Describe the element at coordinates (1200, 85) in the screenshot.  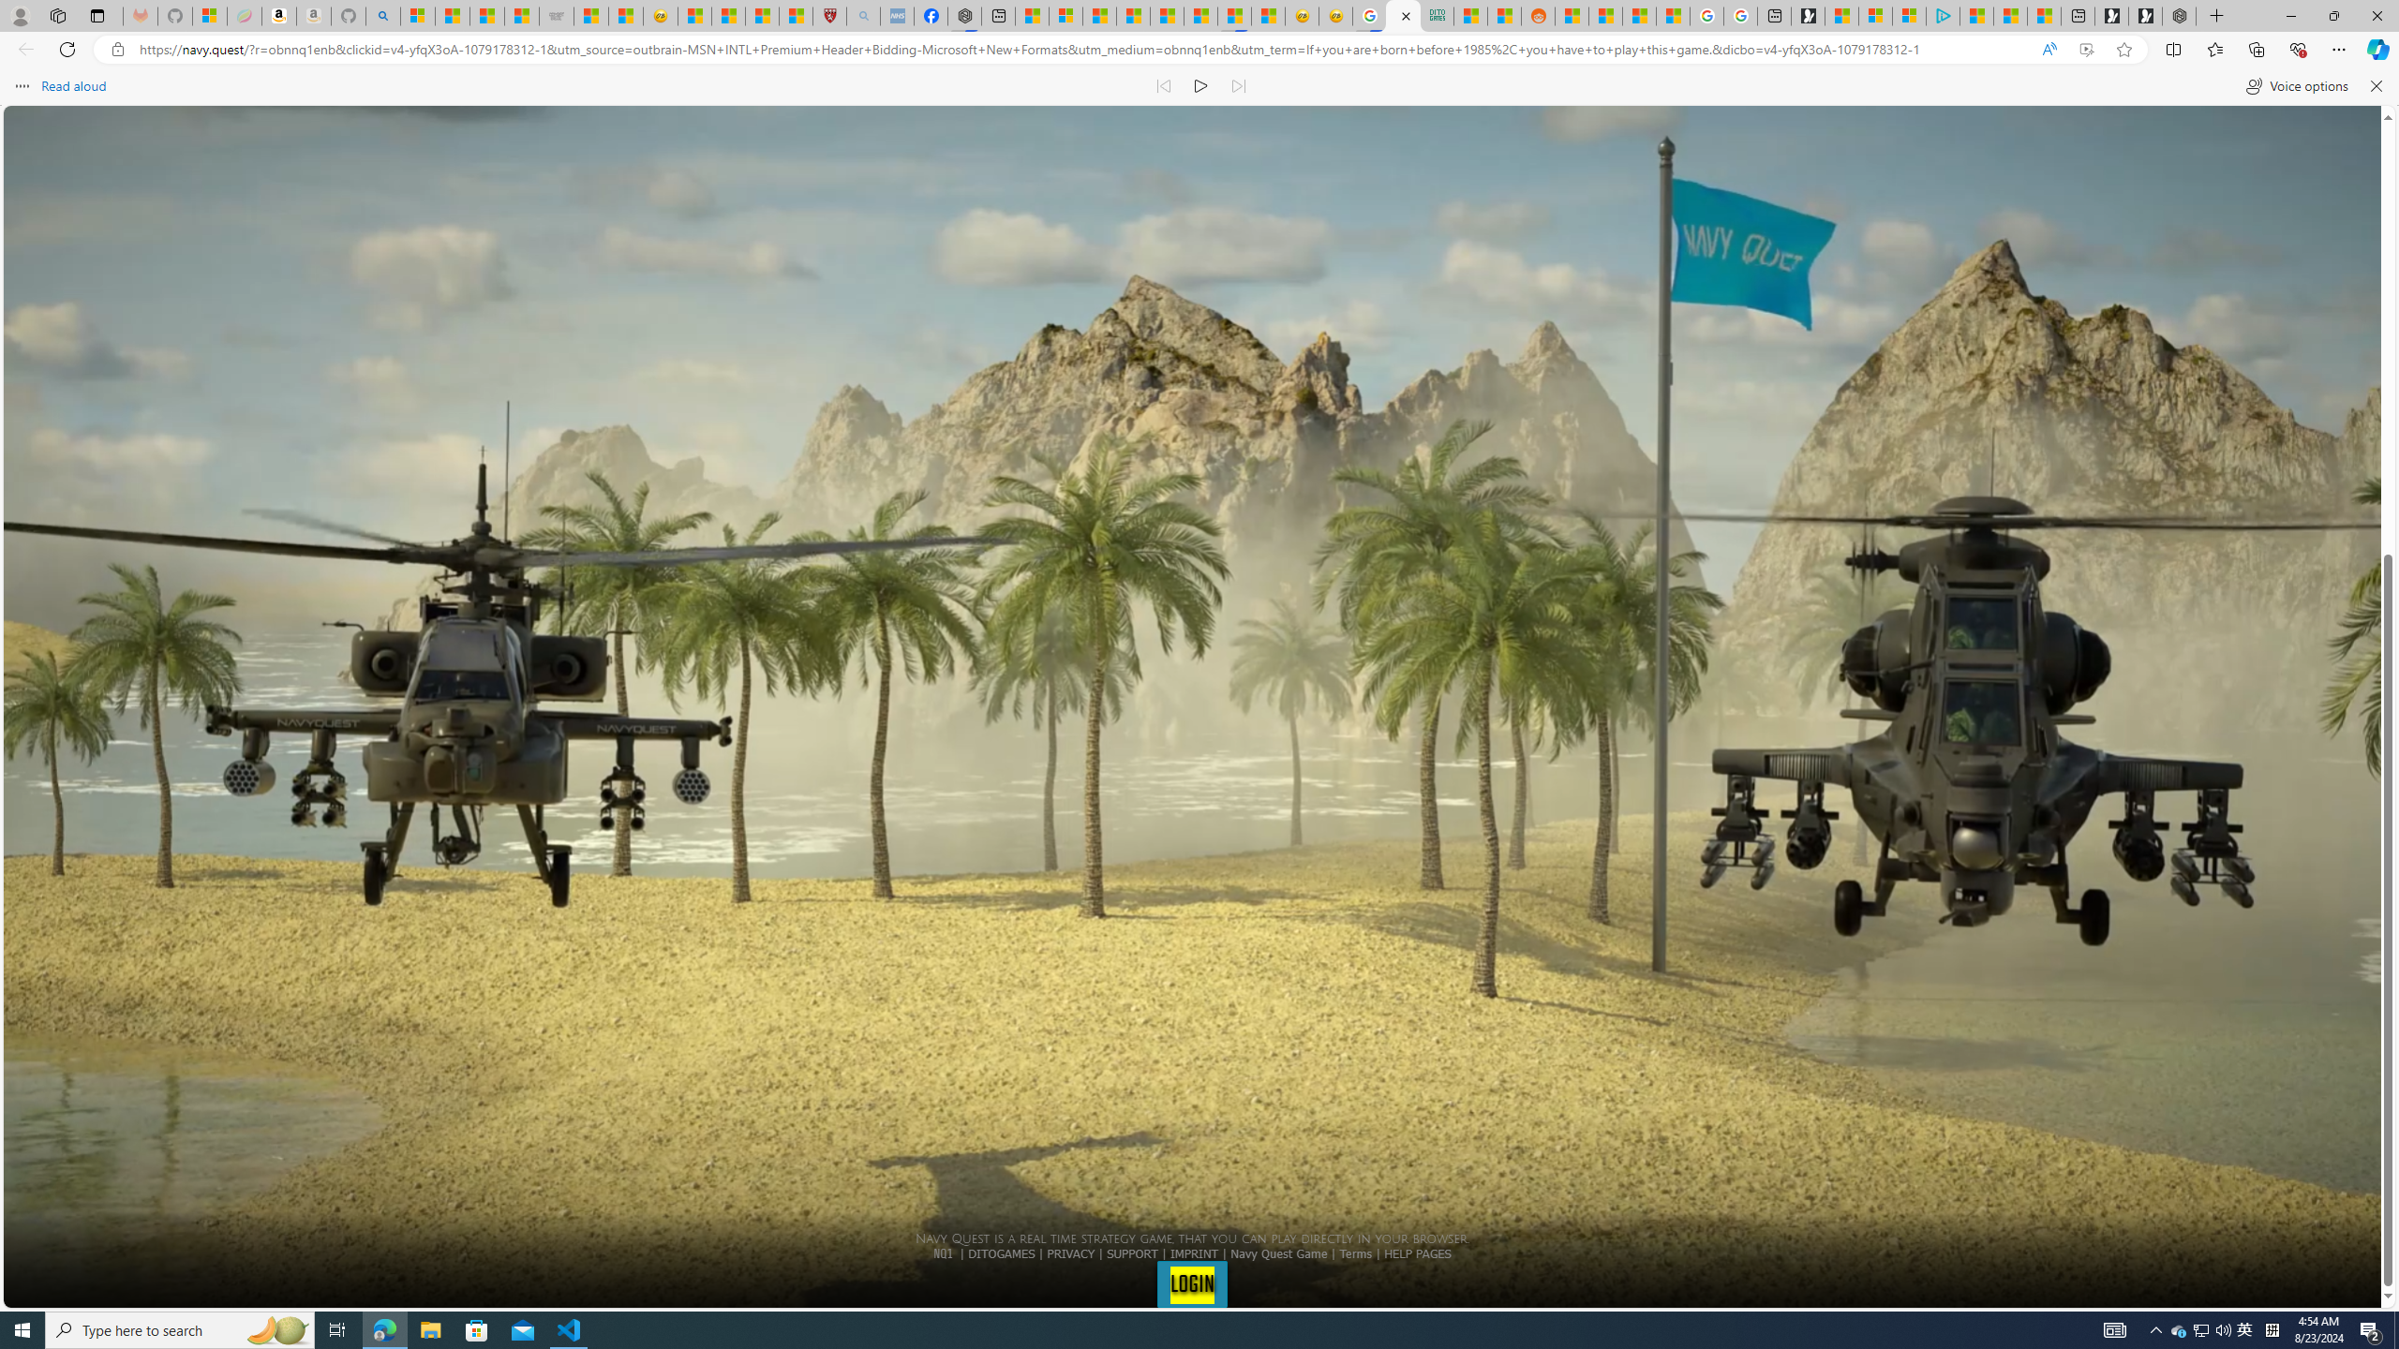
I see `'Continue to read aloud (Ctrl+Shift+U)'` at that location.